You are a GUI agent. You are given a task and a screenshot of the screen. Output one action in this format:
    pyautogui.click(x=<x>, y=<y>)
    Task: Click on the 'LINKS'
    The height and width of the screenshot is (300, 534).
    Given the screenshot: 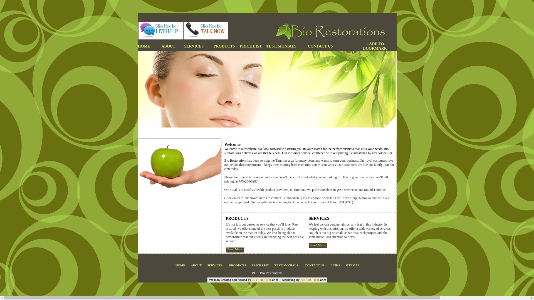 What is the action you would take?
    pyautogui.click(x=335, y=265)
    